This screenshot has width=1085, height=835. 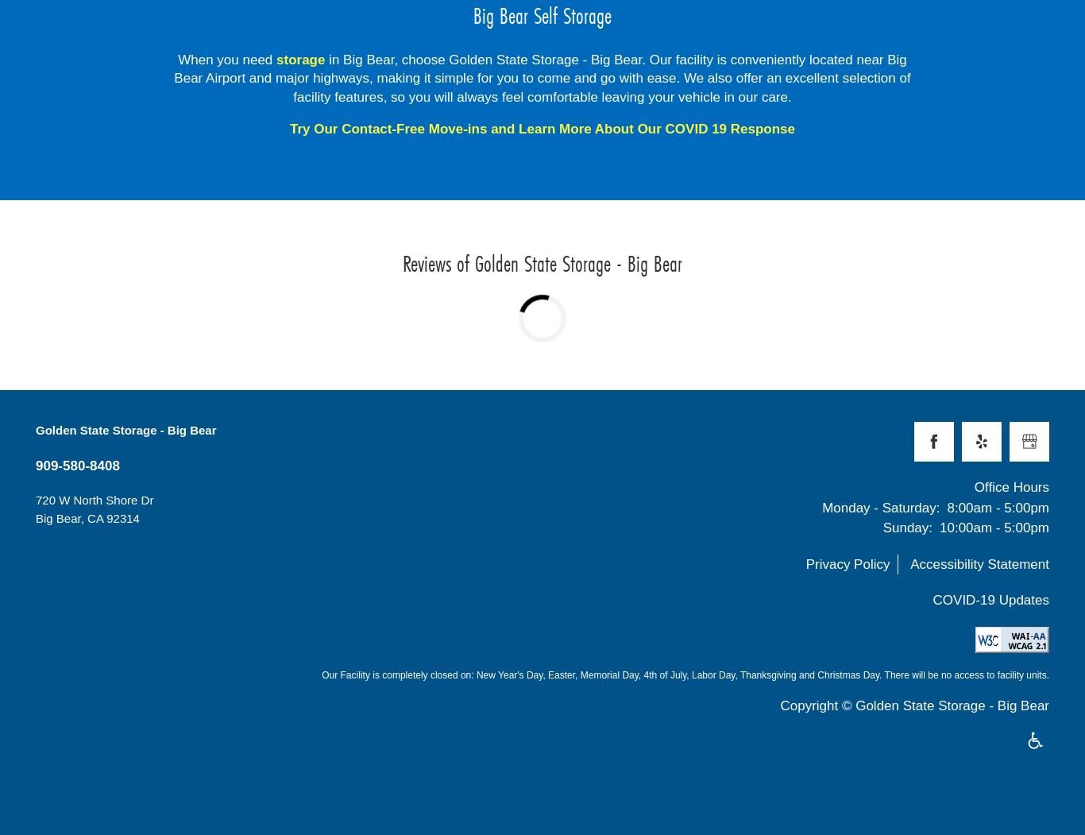 I want to click on '909-580-8408', so click(x=35, y=465).